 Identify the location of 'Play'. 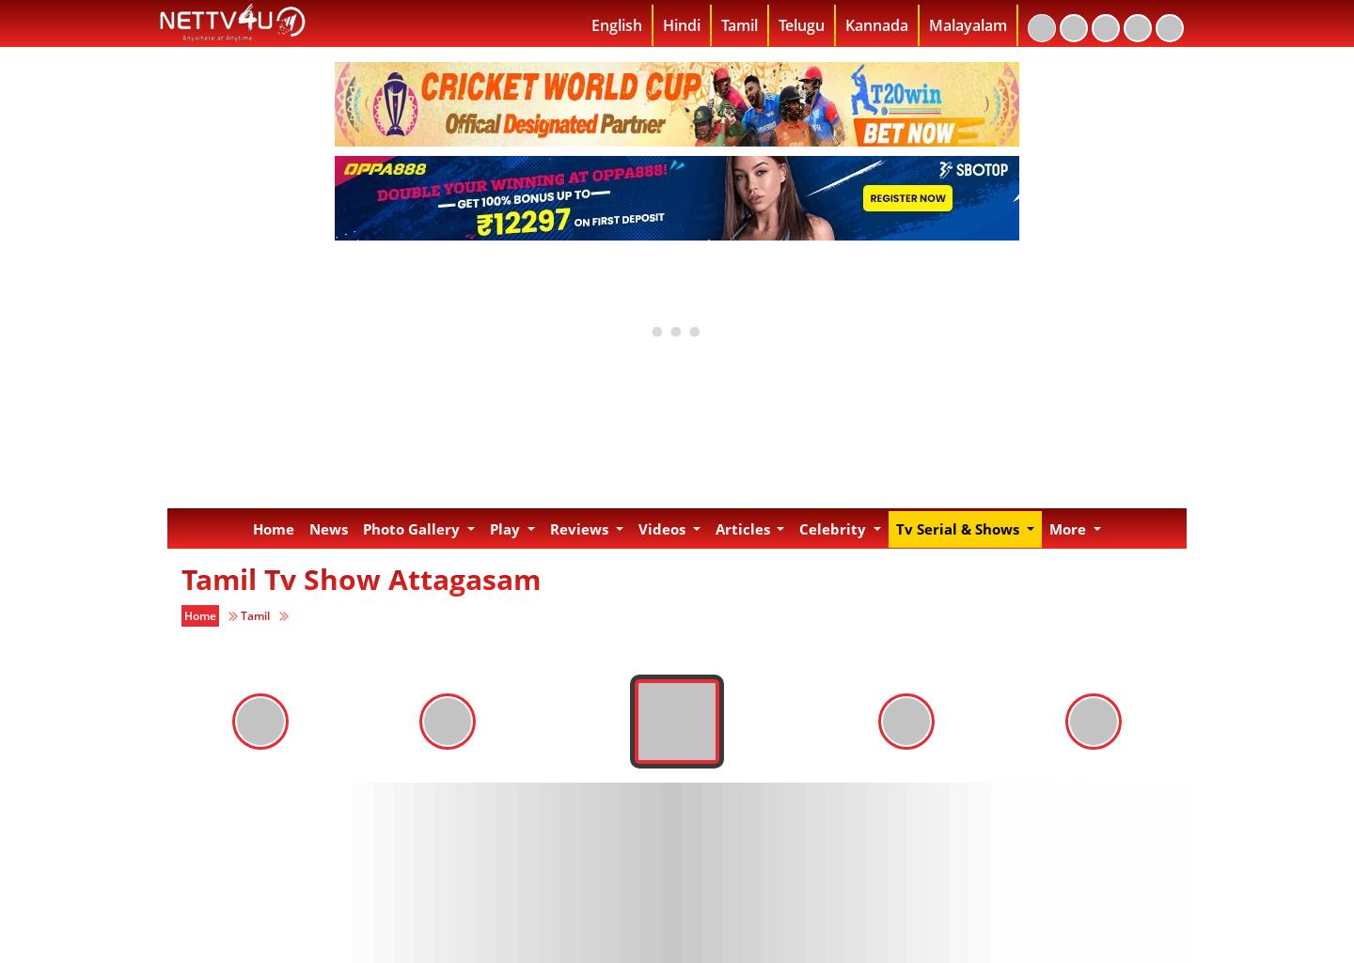
(505, 529).